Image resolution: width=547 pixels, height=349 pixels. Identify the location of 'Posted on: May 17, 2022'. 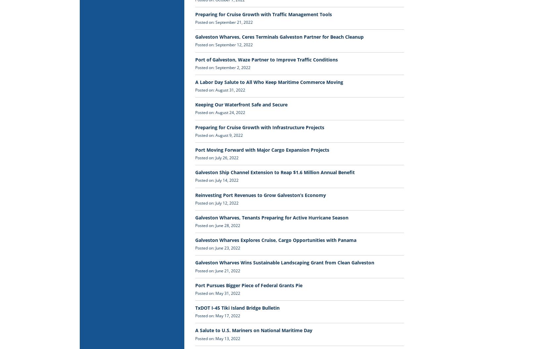
(217, 316).